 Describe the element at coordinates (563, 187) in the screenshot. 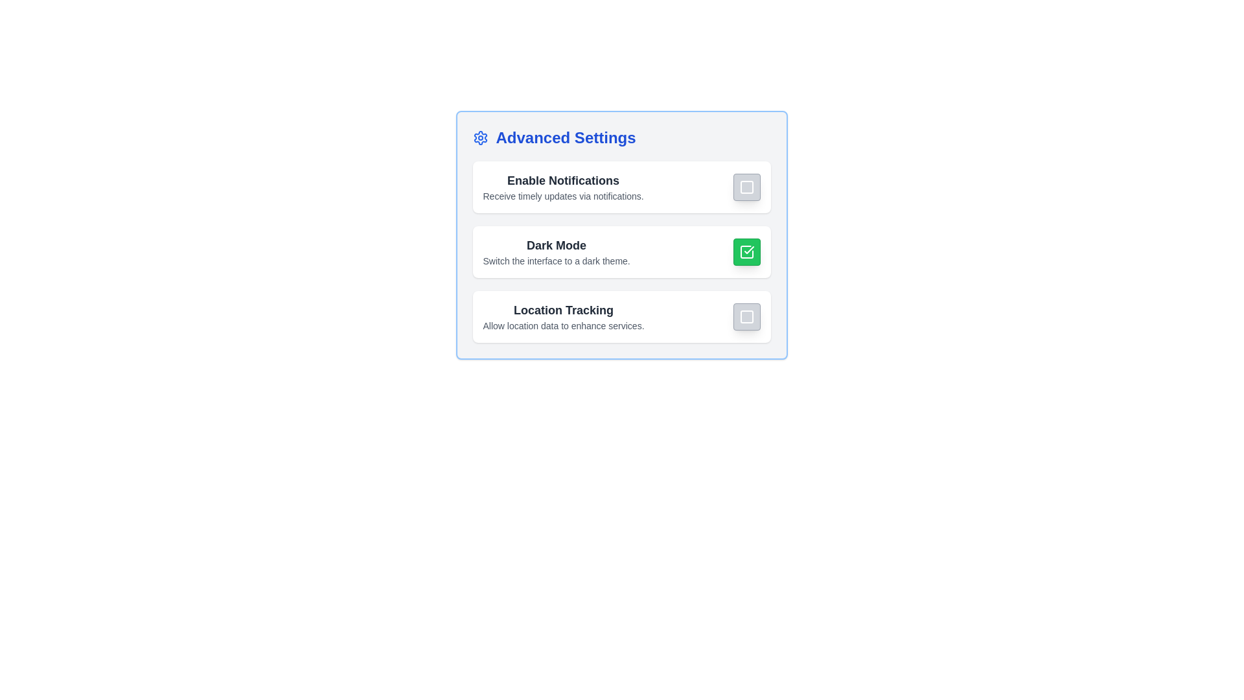

I see `the informational text component displaying 'Enable Notifications' and its subtext 'Receive timely updates via notifications.'` at that location.